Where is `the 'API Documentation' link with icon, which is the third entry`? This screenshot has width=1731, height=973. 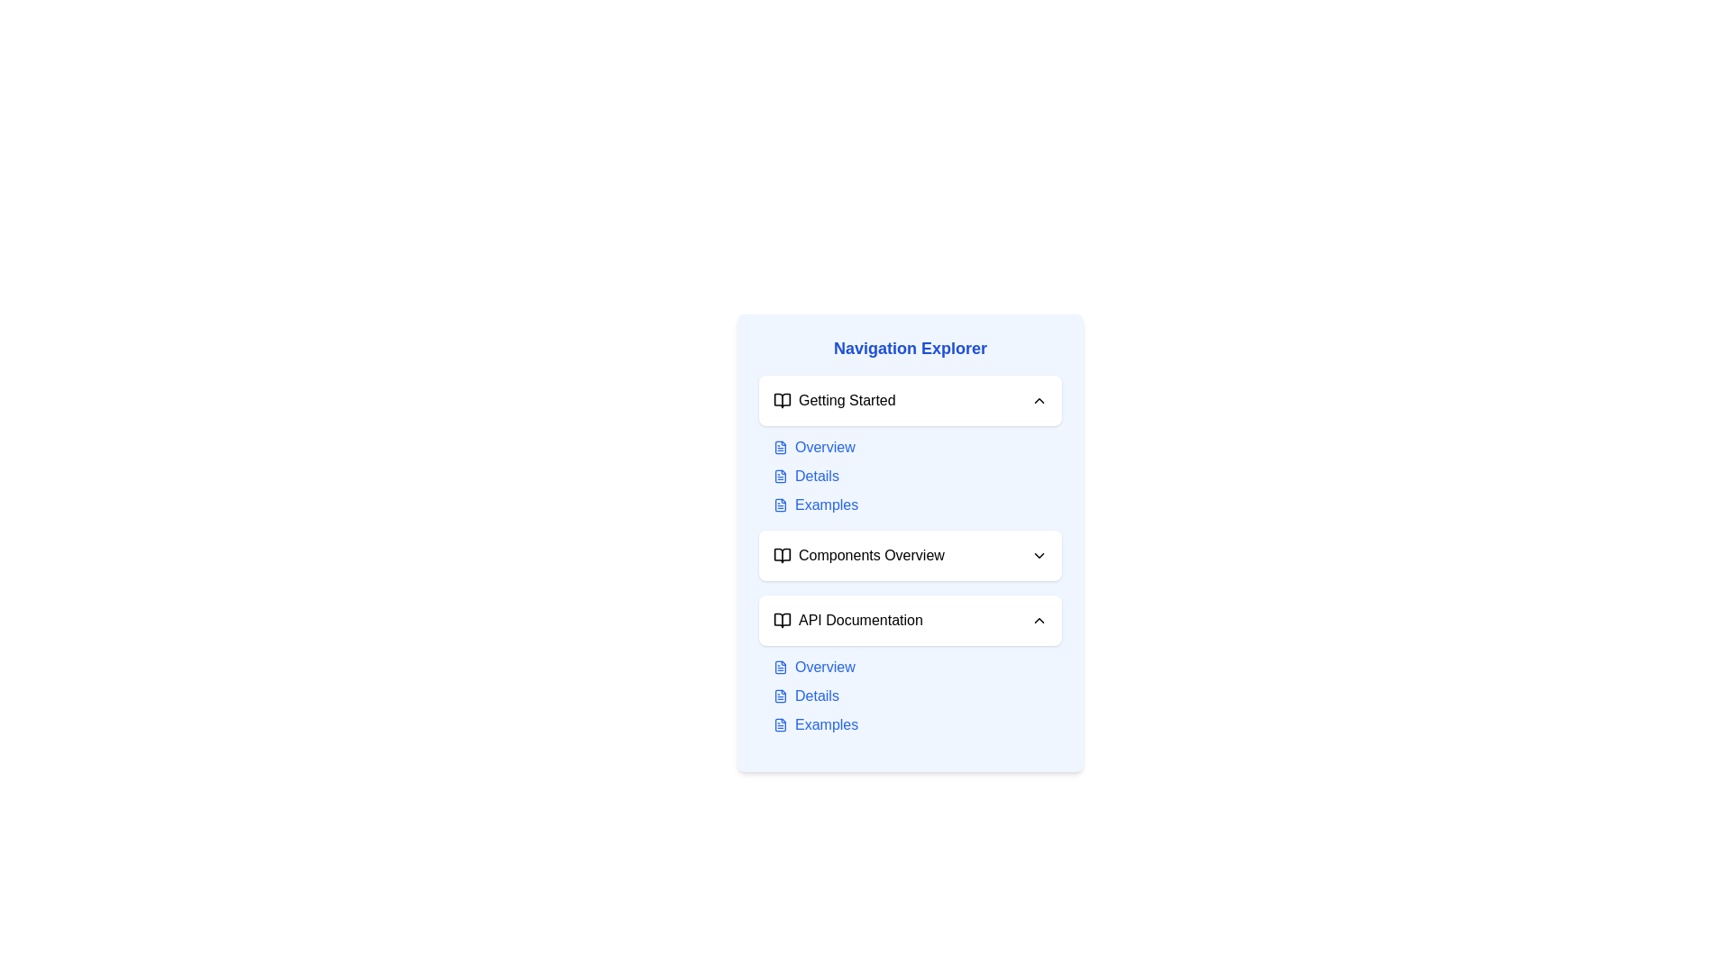 the 'API Documentation' link with icon, which is the third entry is located at coordinates (847, 620).